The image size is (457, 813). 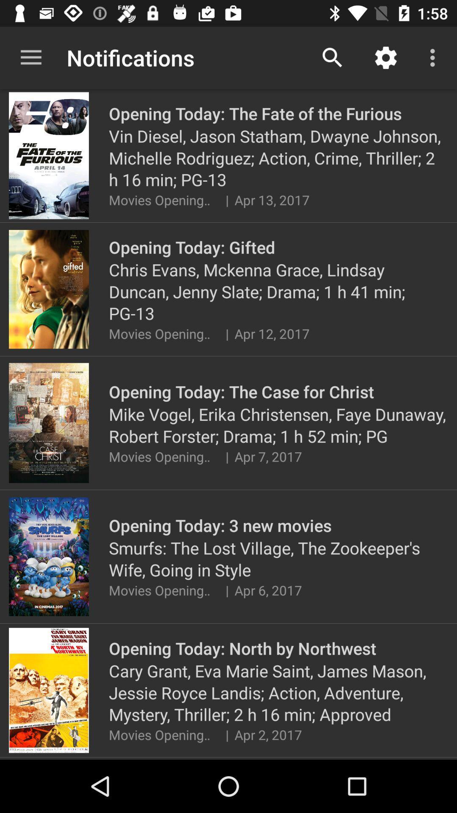 What do you see at coordinates (278, 559) in the screenshot?
I see `the icon below the opening today 3 icon` at bounding box center [278, 559].